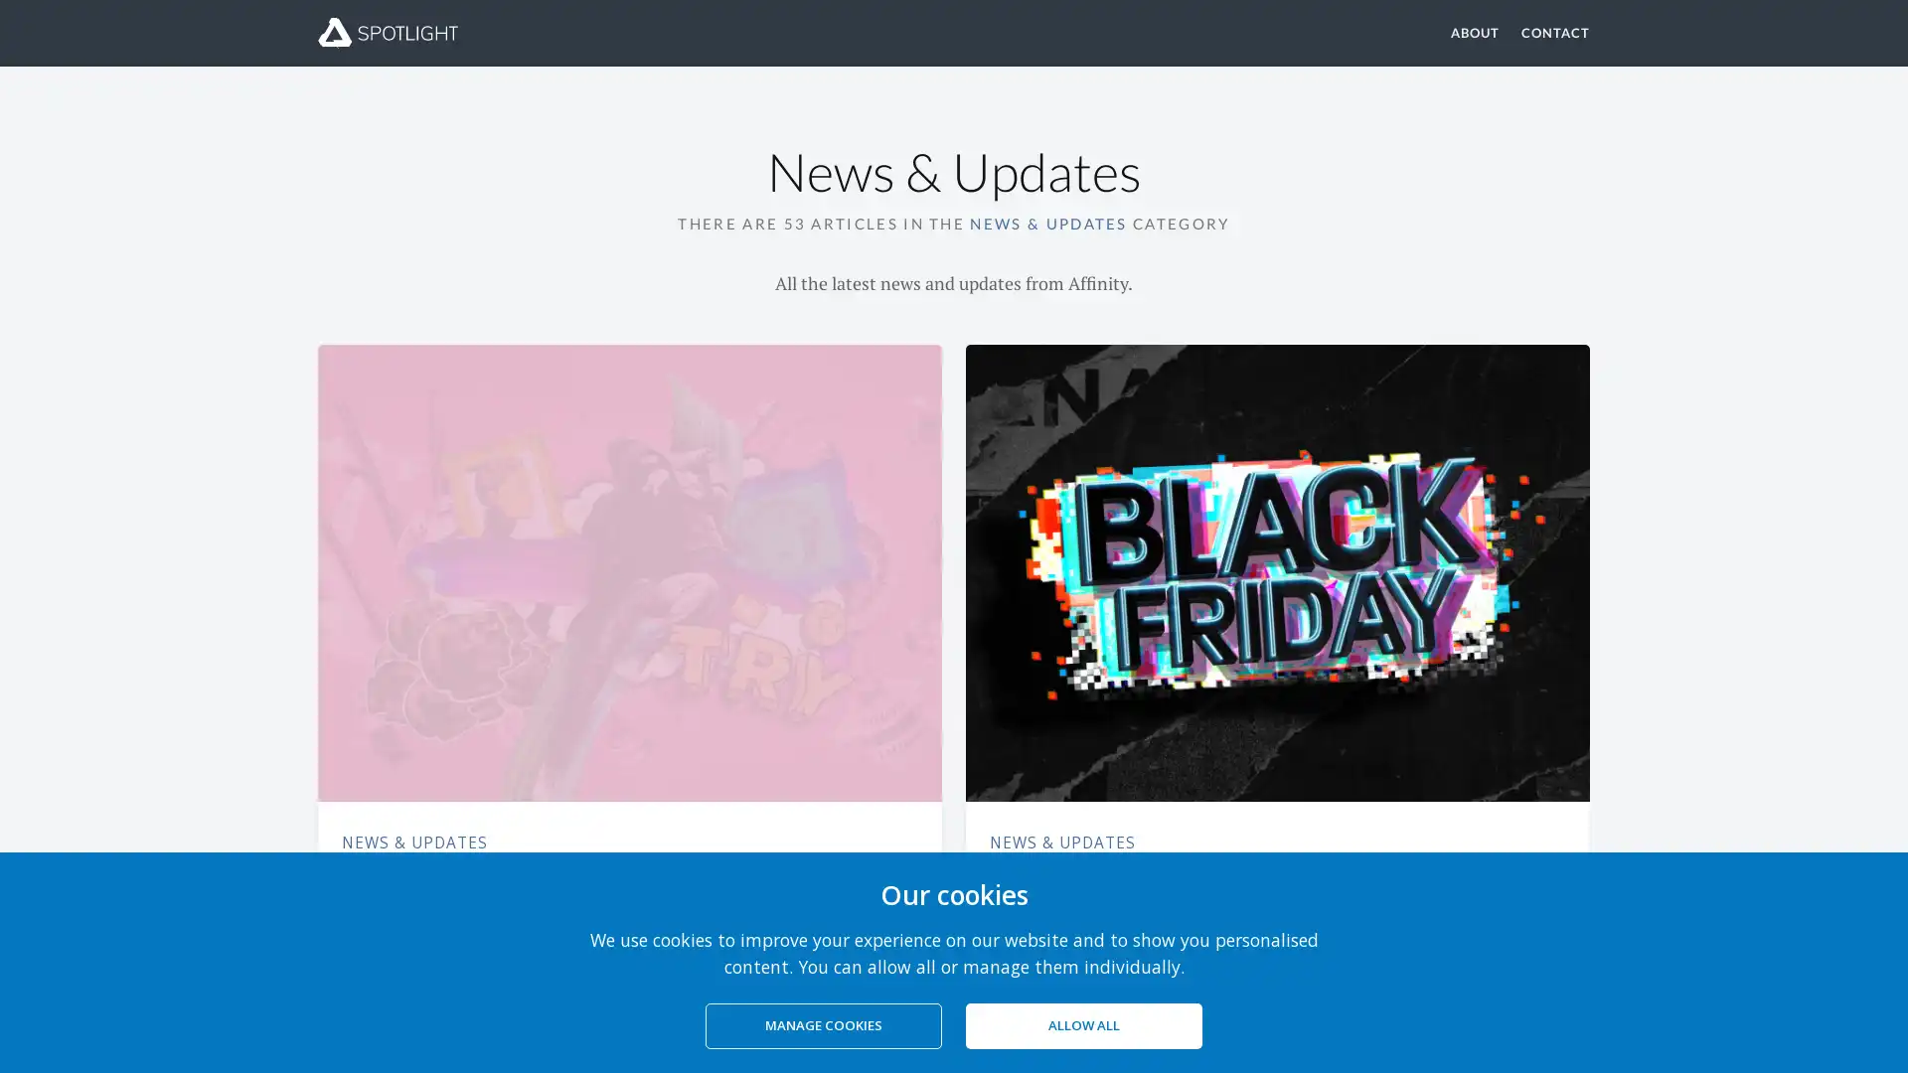  What do you see at coordinates (1082, 1026) in the screenshot?
I see `ALLOW ALL` at bounding box center [1082, 1026].